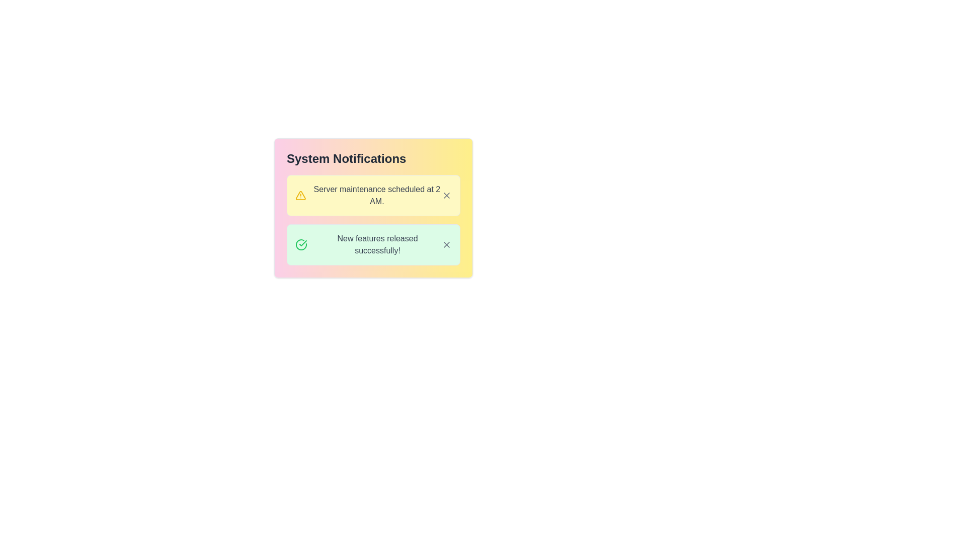 The height and width of the screenshot is (543, 966). Describe the element at coordinates (376, 196) in the screenshot. I see `the static text element that presents a notification message about server maintenance, located below 'System Notifications' and above another notification item, with a warning icon on the left and a close button on the right` at that location.